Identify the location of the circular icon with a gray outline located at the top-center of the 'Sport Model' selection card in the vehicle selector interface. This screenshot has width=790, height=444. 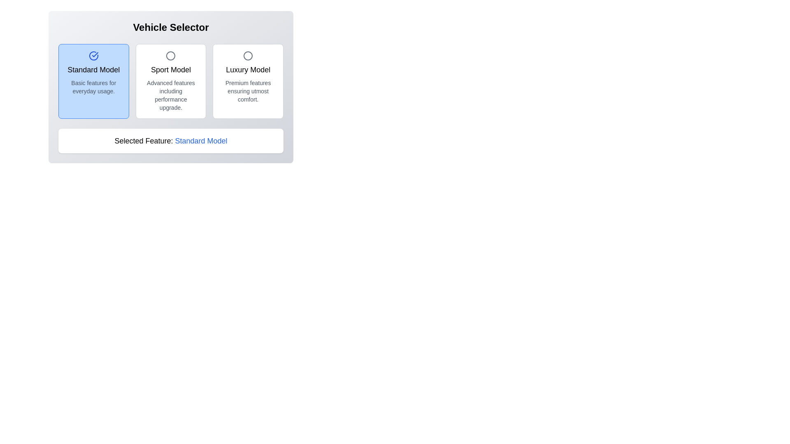
(170, 55).